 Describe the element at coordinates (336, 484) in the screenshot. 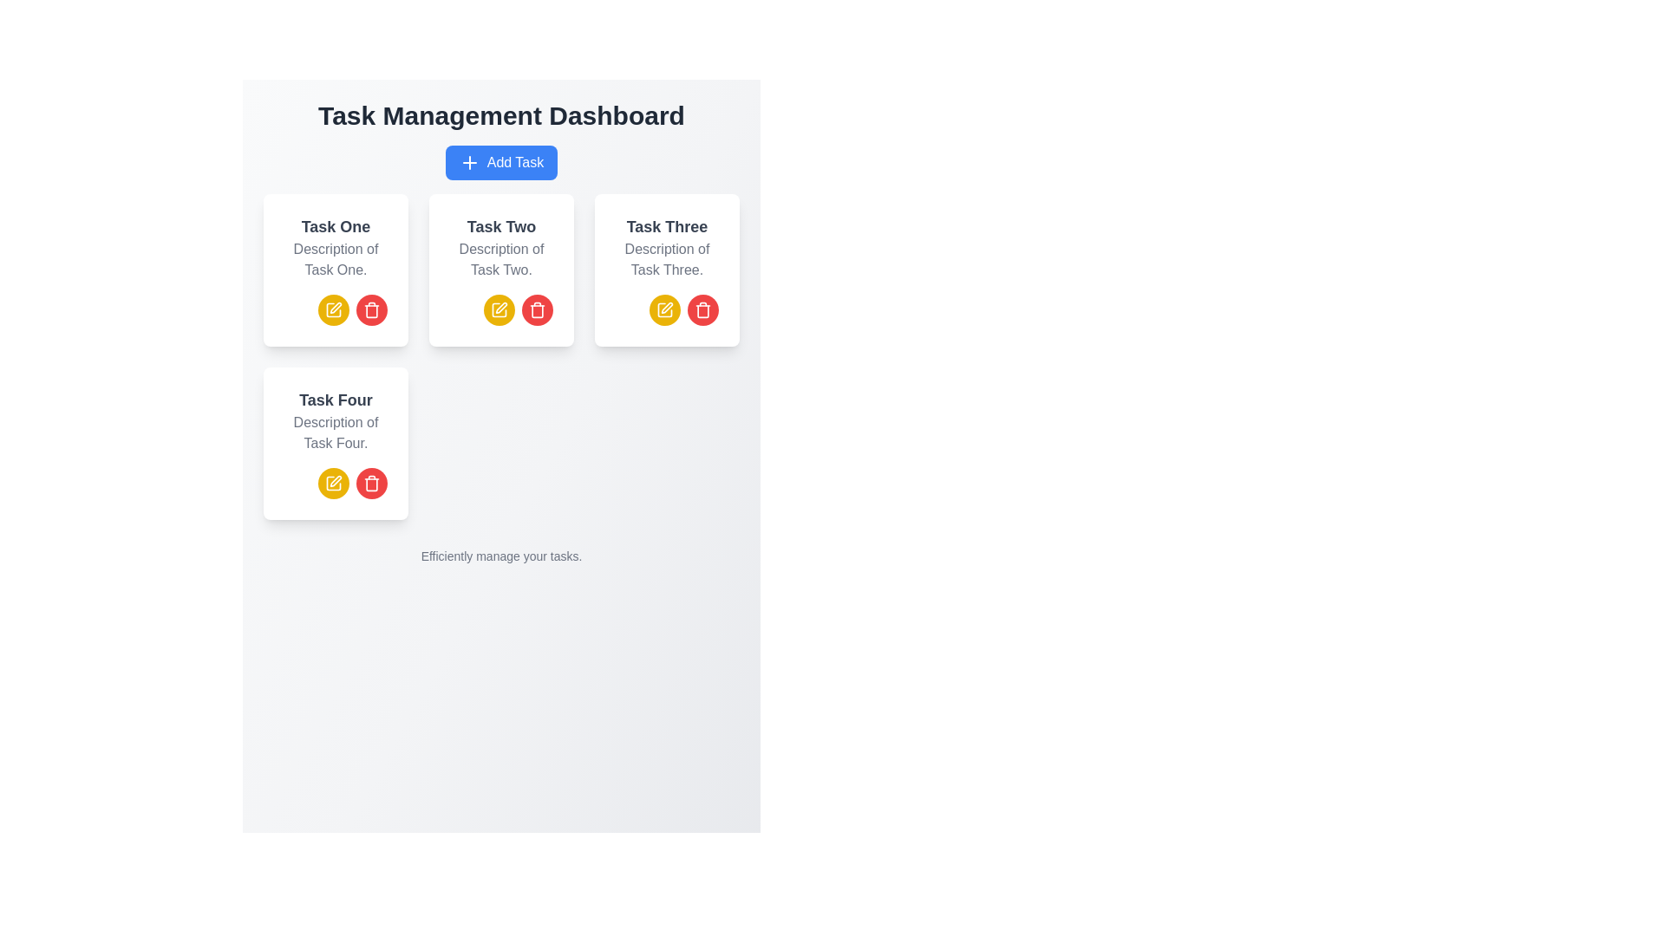

I see `the yellow circular button with a white pen icon at its center, located in the 'Task Four' card` at that location.